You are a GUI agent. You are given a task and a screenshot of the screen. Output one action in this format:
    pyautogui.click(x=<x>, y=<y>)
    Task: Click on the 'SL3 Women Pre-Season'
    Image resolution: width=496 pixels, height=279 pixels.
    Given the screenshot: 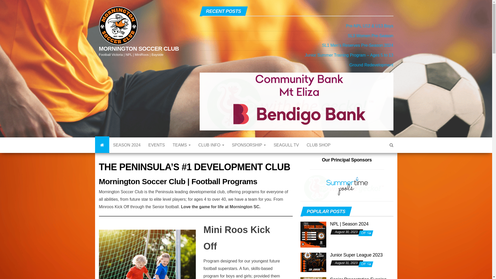 What is the action you would take?
    pyautogui.click(x=347, y=35)
    